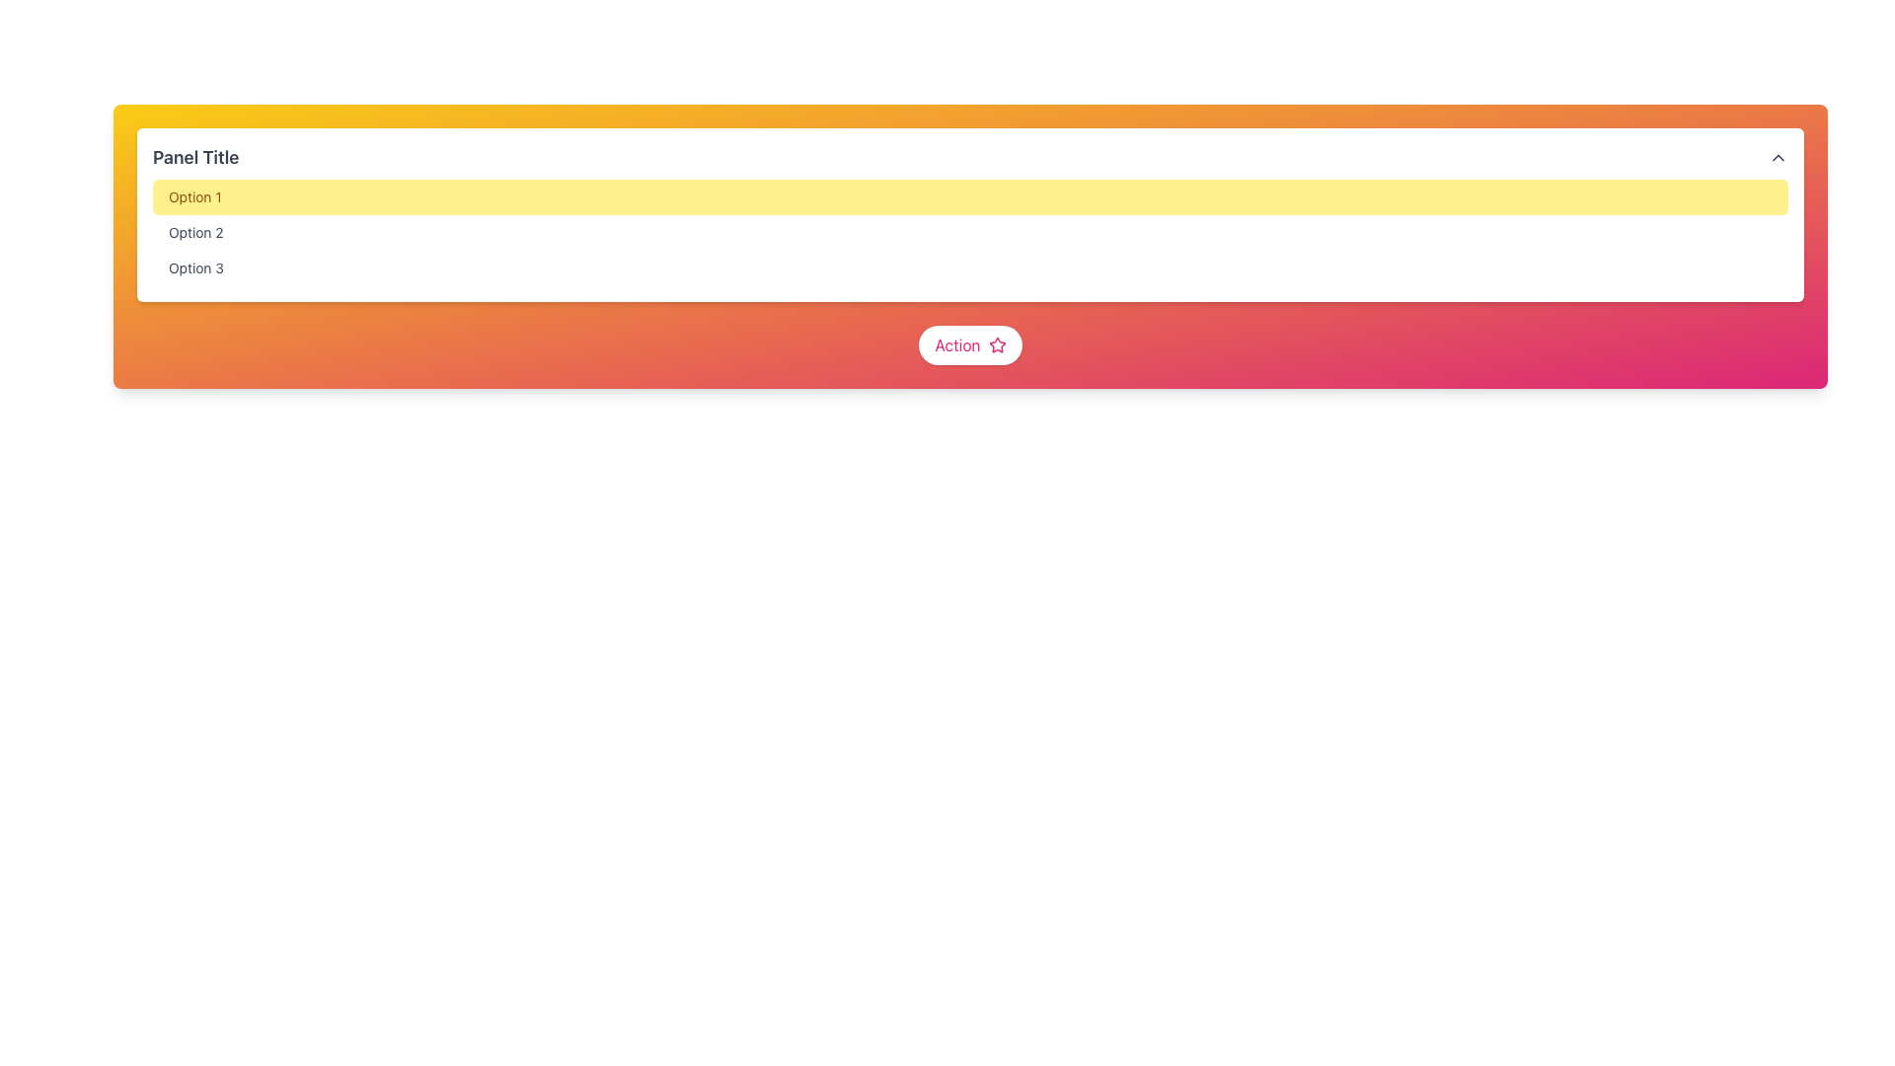 The width and height of the screenshot is (1895, 1066). Describe the element at coordinates (970, 231) in the screenshot. I see `the middle option button in the dropdown menu to trigger a hover effect` at that location.